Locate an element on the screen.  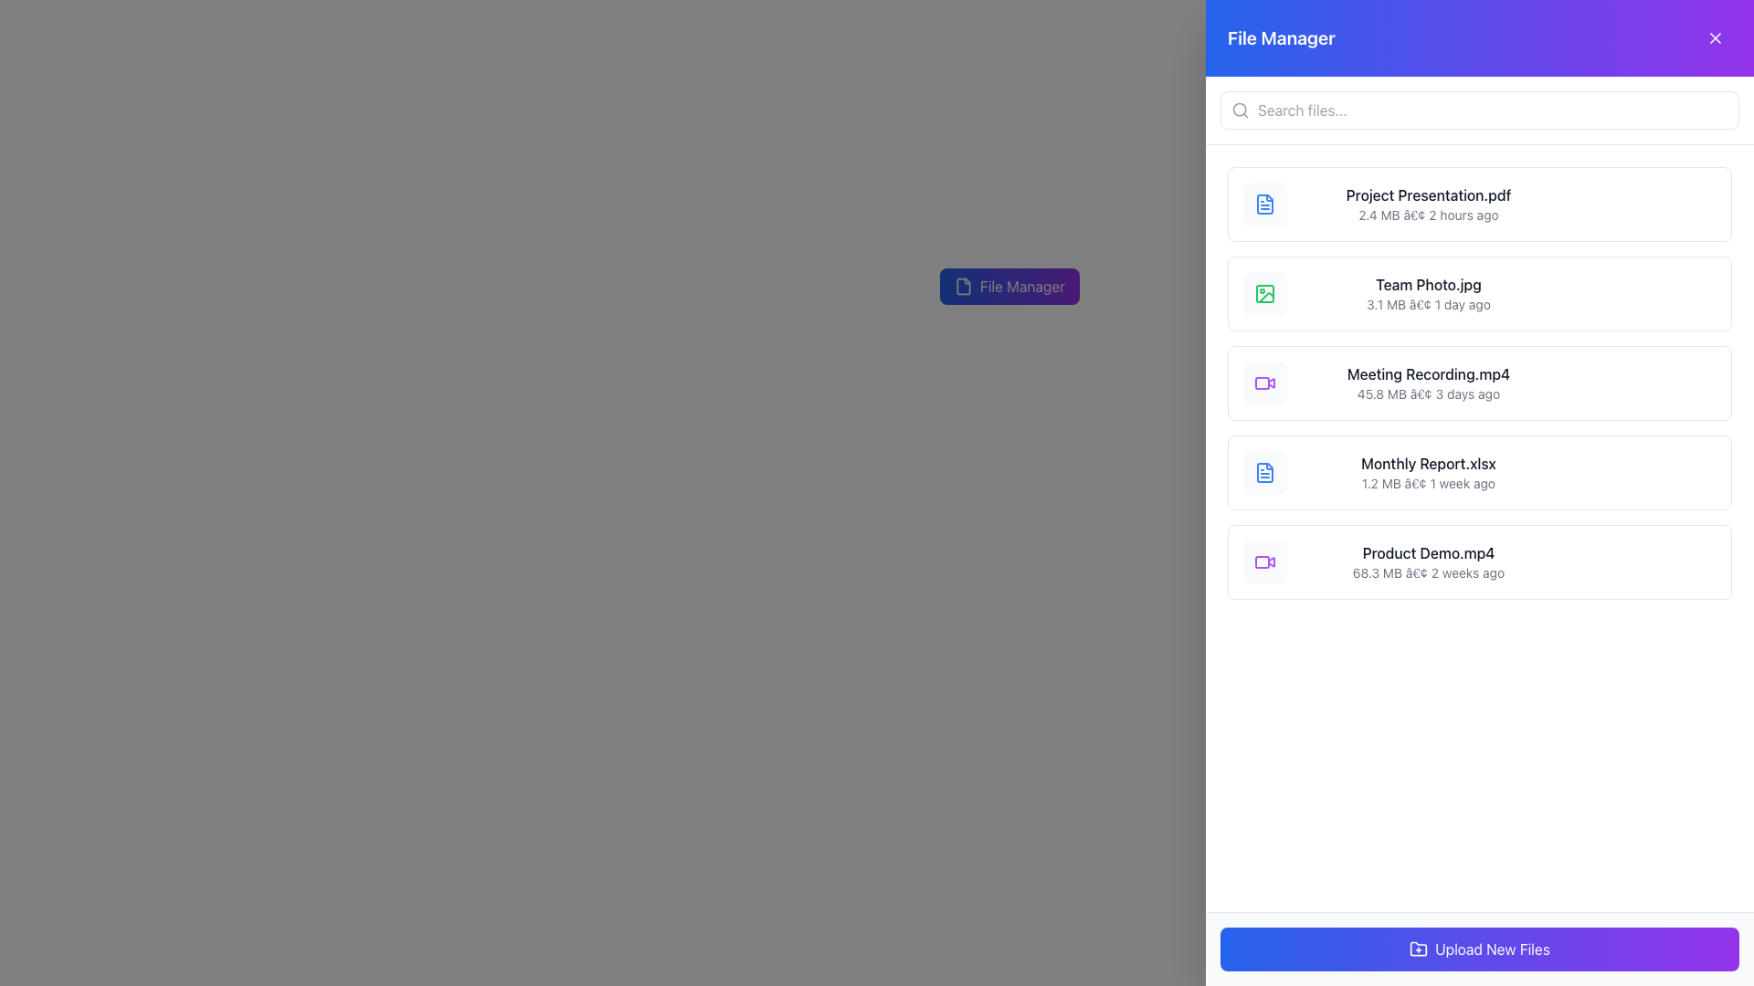
the 'File Manager' text label, which is prominently displayed in large, bold white font against a blue-to-purple gradient background, located in the upper-left portion of the sidebar is located at coordinates (1280, 38).